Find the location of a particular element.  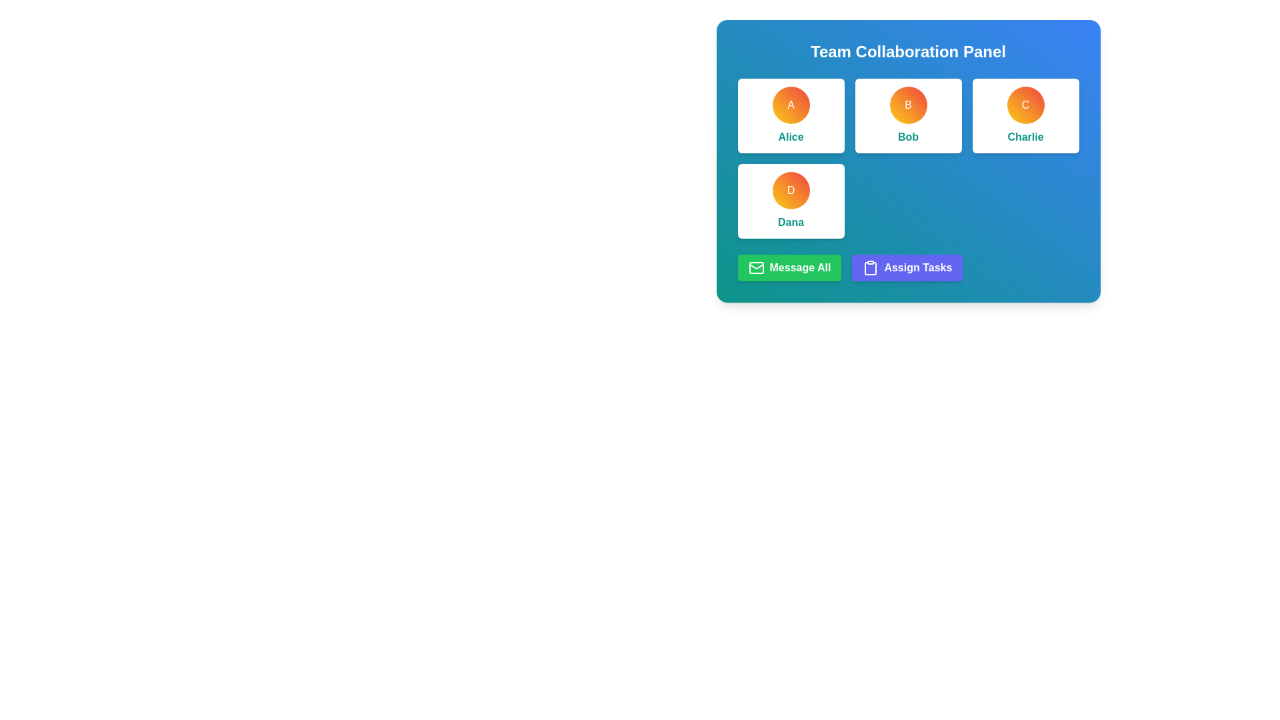

text label that identifies 'Dana,' which is located within a white card in the lower left quadrant of the 'Team Collaboration Panel.' is located at coordinates (791, 222).